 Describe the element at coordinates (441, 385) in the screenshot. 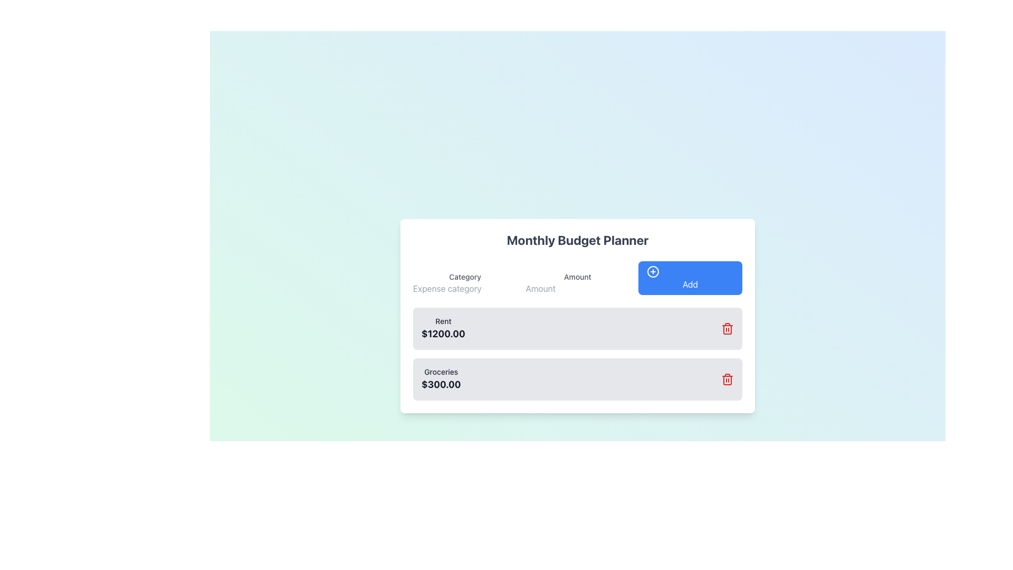

I see `text value displayed in the monetary value Text Label for the 'Groceries' expense category, located to the right of the 'Groceries' label in the budget planner interface` at that location.